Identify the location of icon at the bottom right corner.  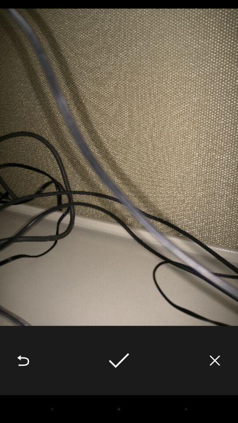
(214, 360).